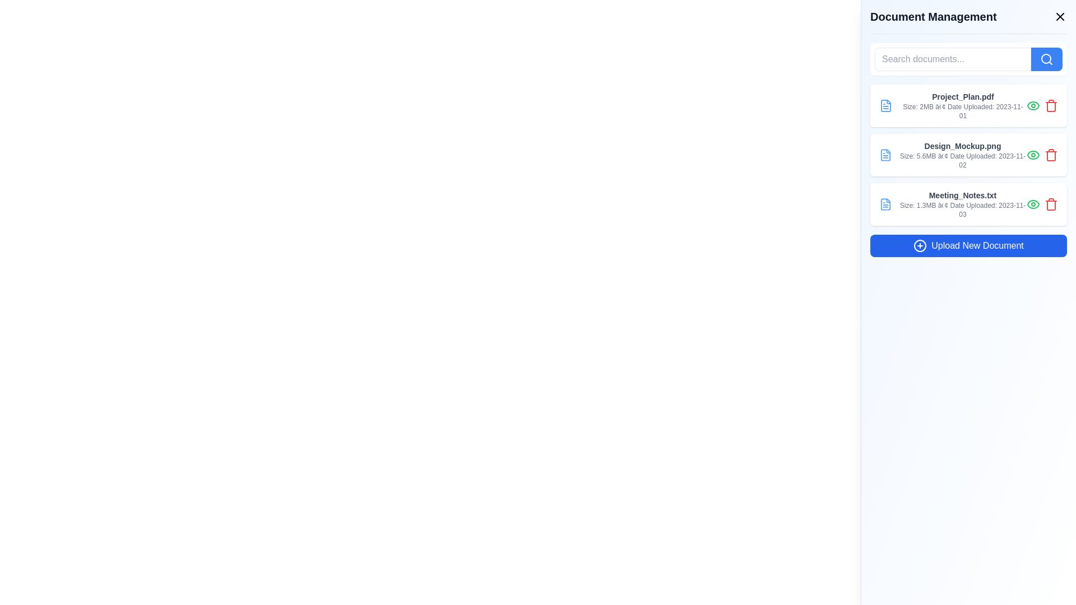 The width and height of the screenshot is (1076, 605). What do you see at coordinates (885, 204) in the screenshot?
I see `the icon representing the file type for 'Meeting_Notes.txt' in the document management interface, located to the left of the file name` at bounding box center [885, 204].